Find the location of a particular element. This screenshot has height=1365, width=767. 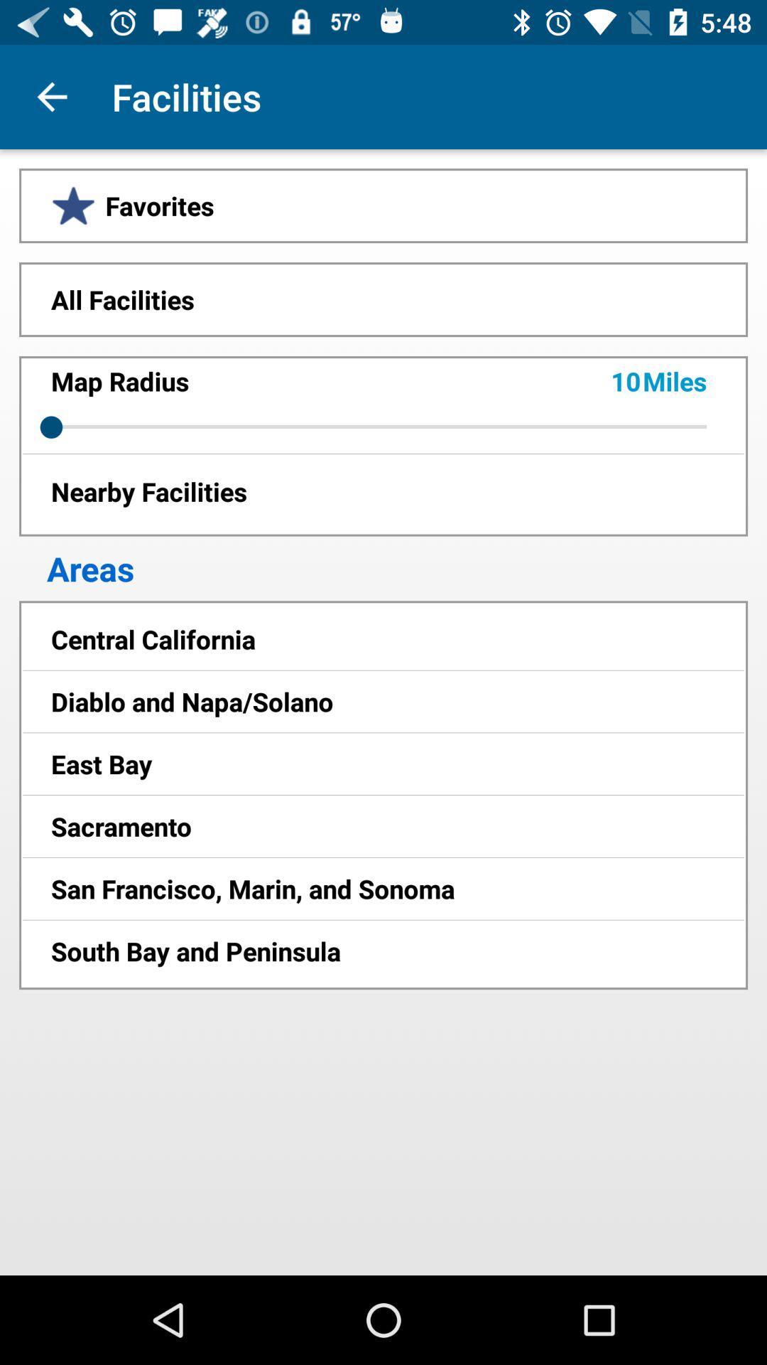

the favorites is located at coordinates (383, 205).